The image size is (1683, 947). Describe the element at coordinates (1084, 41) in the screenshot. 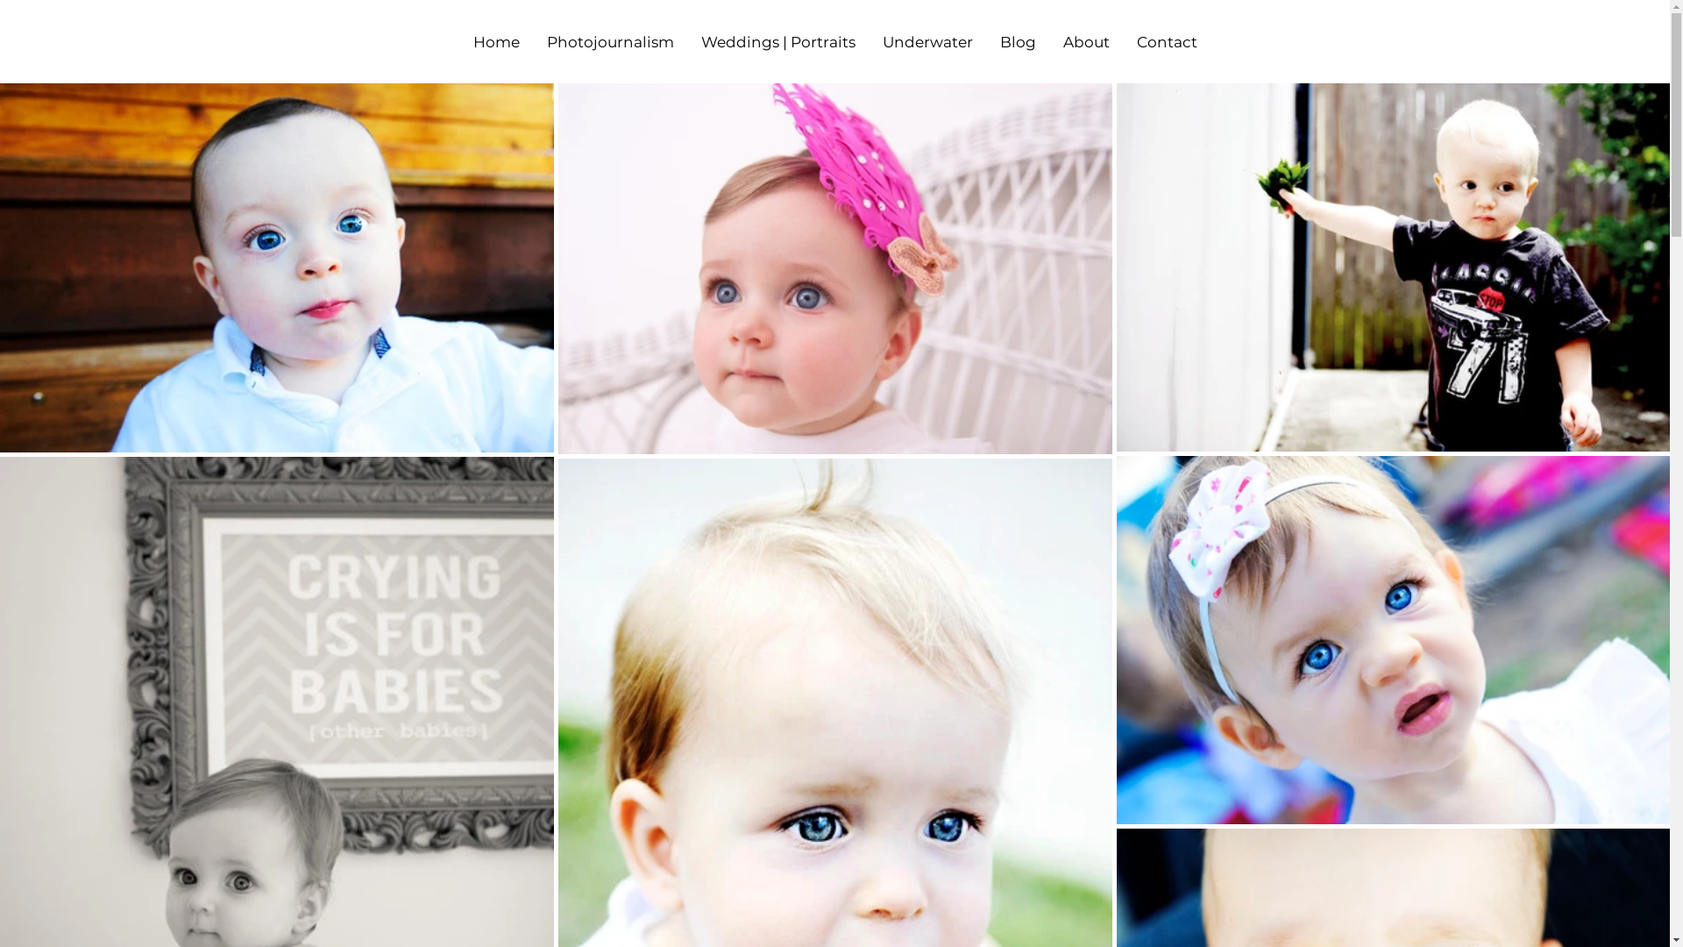

I see `'About'` at that location.